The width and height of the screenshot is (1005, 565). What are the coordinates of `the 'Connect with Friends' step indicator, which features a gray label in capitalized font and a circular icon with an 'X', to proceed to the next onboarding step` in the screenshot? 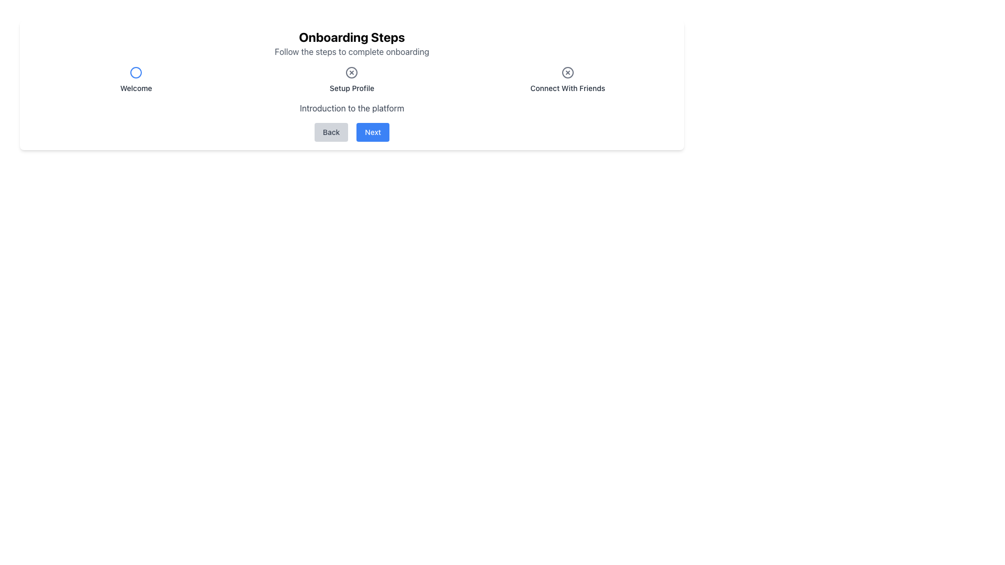 It's located at (567, 80).